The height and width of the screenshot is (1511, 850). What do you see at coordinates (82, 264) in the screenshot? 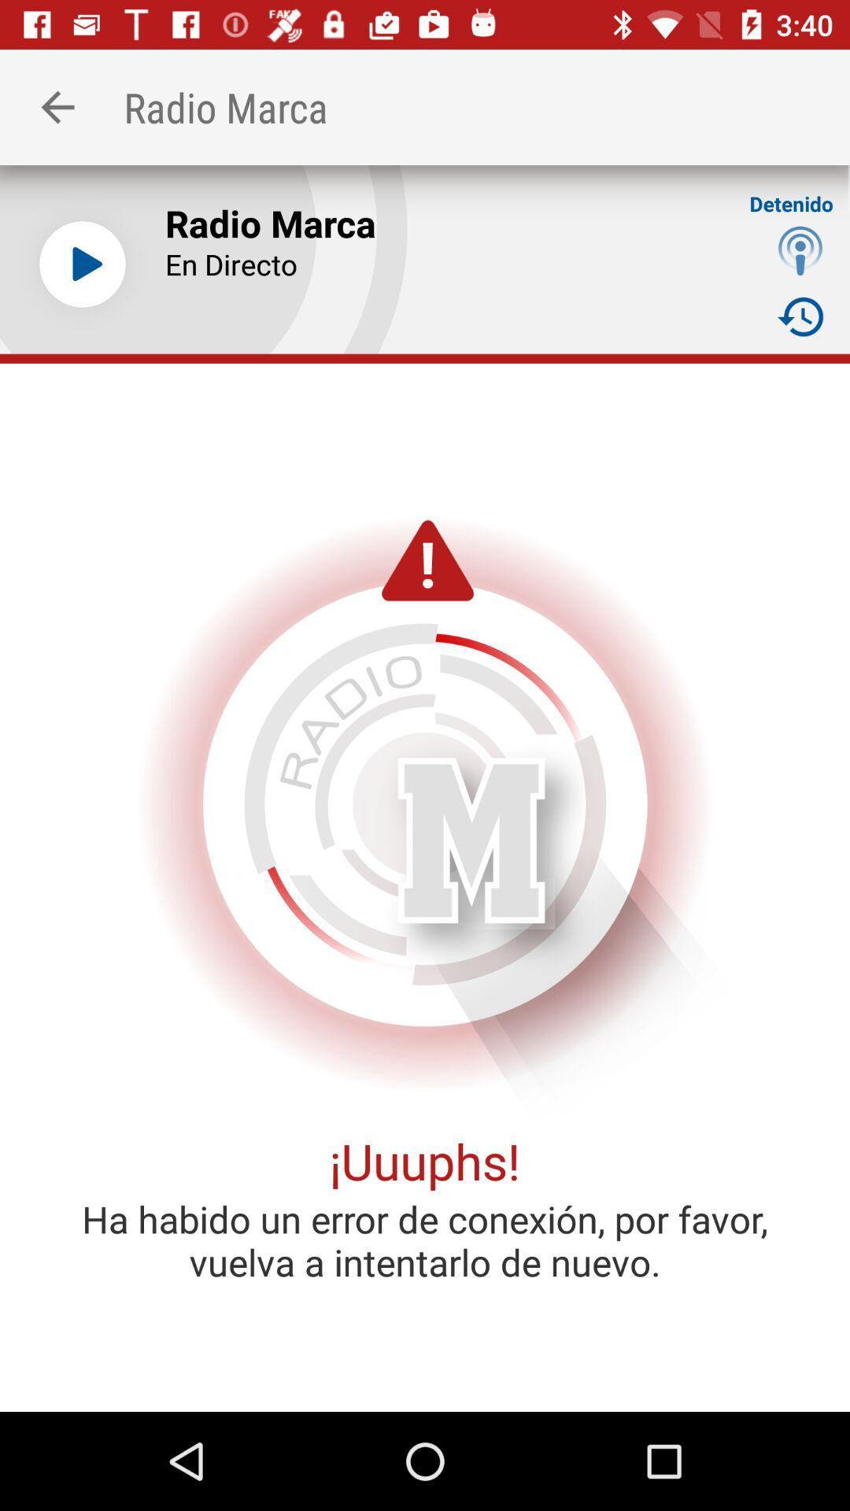
I see `icon to the left of the radio marca item` at bounding box center [82, 264].